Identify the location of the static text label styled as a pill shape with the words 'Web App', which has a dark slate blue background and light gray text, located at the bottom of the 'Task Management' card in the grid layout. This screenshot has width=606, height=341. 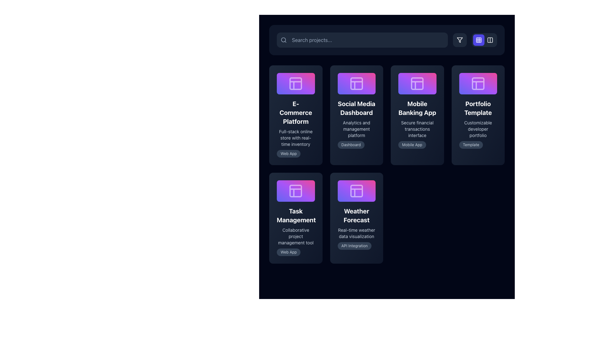
(288, 252).